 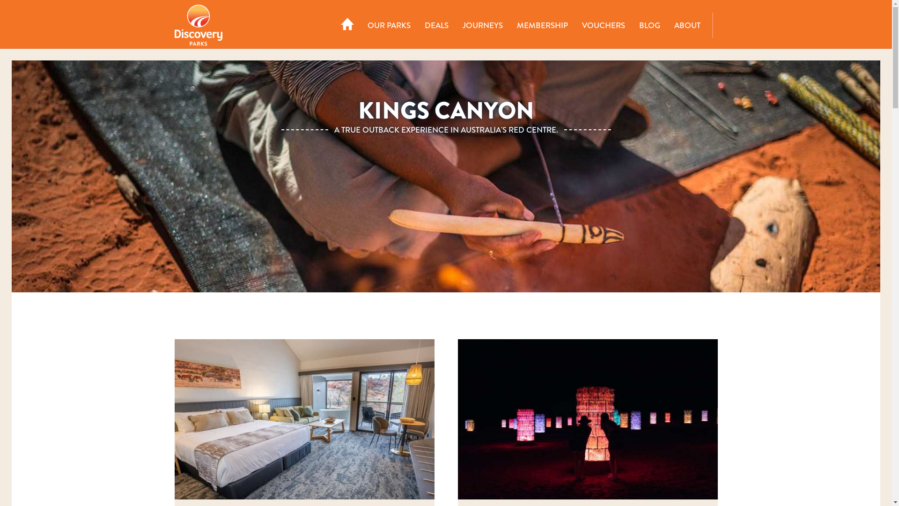 I want to click on 'VOUCHERS', so click(x=604, y=25).